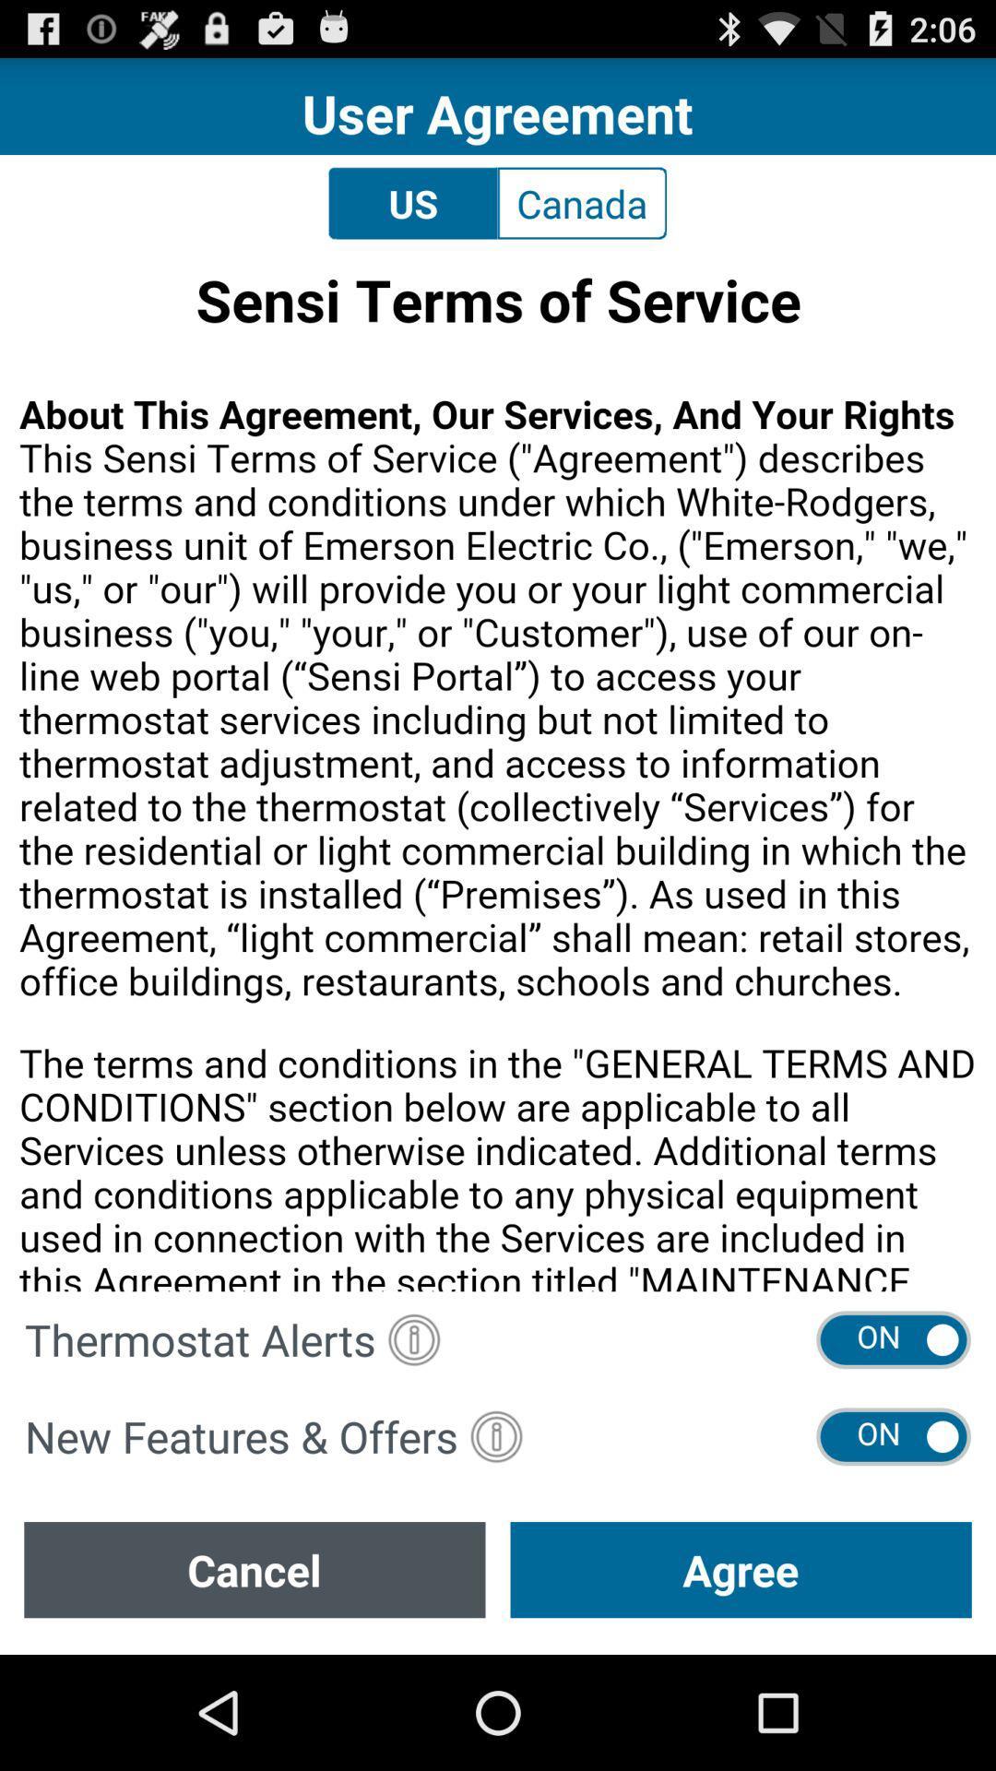  What do you see at coordinates (495, 1538) in the screenshot?
I see `the info icon` at bounding box center [495, 1538].